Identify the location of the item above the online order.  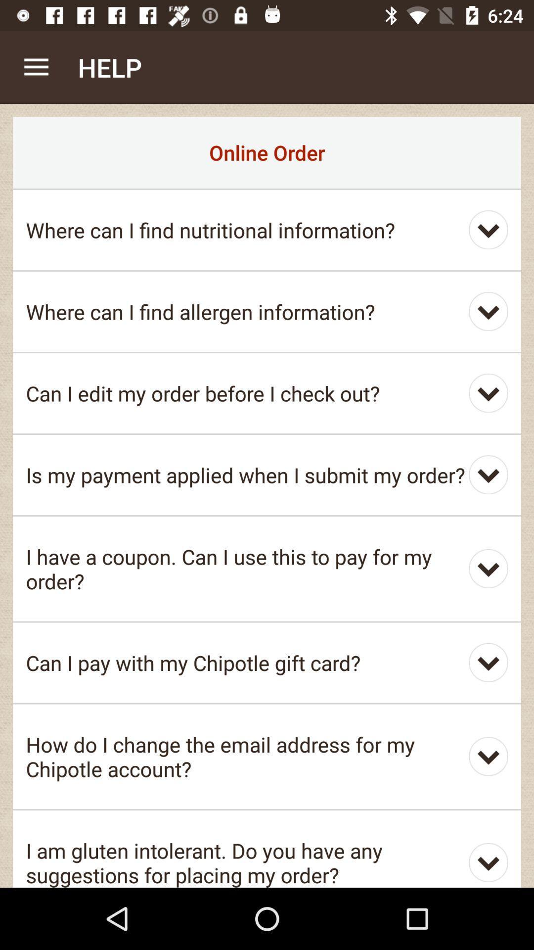
(36, 67).